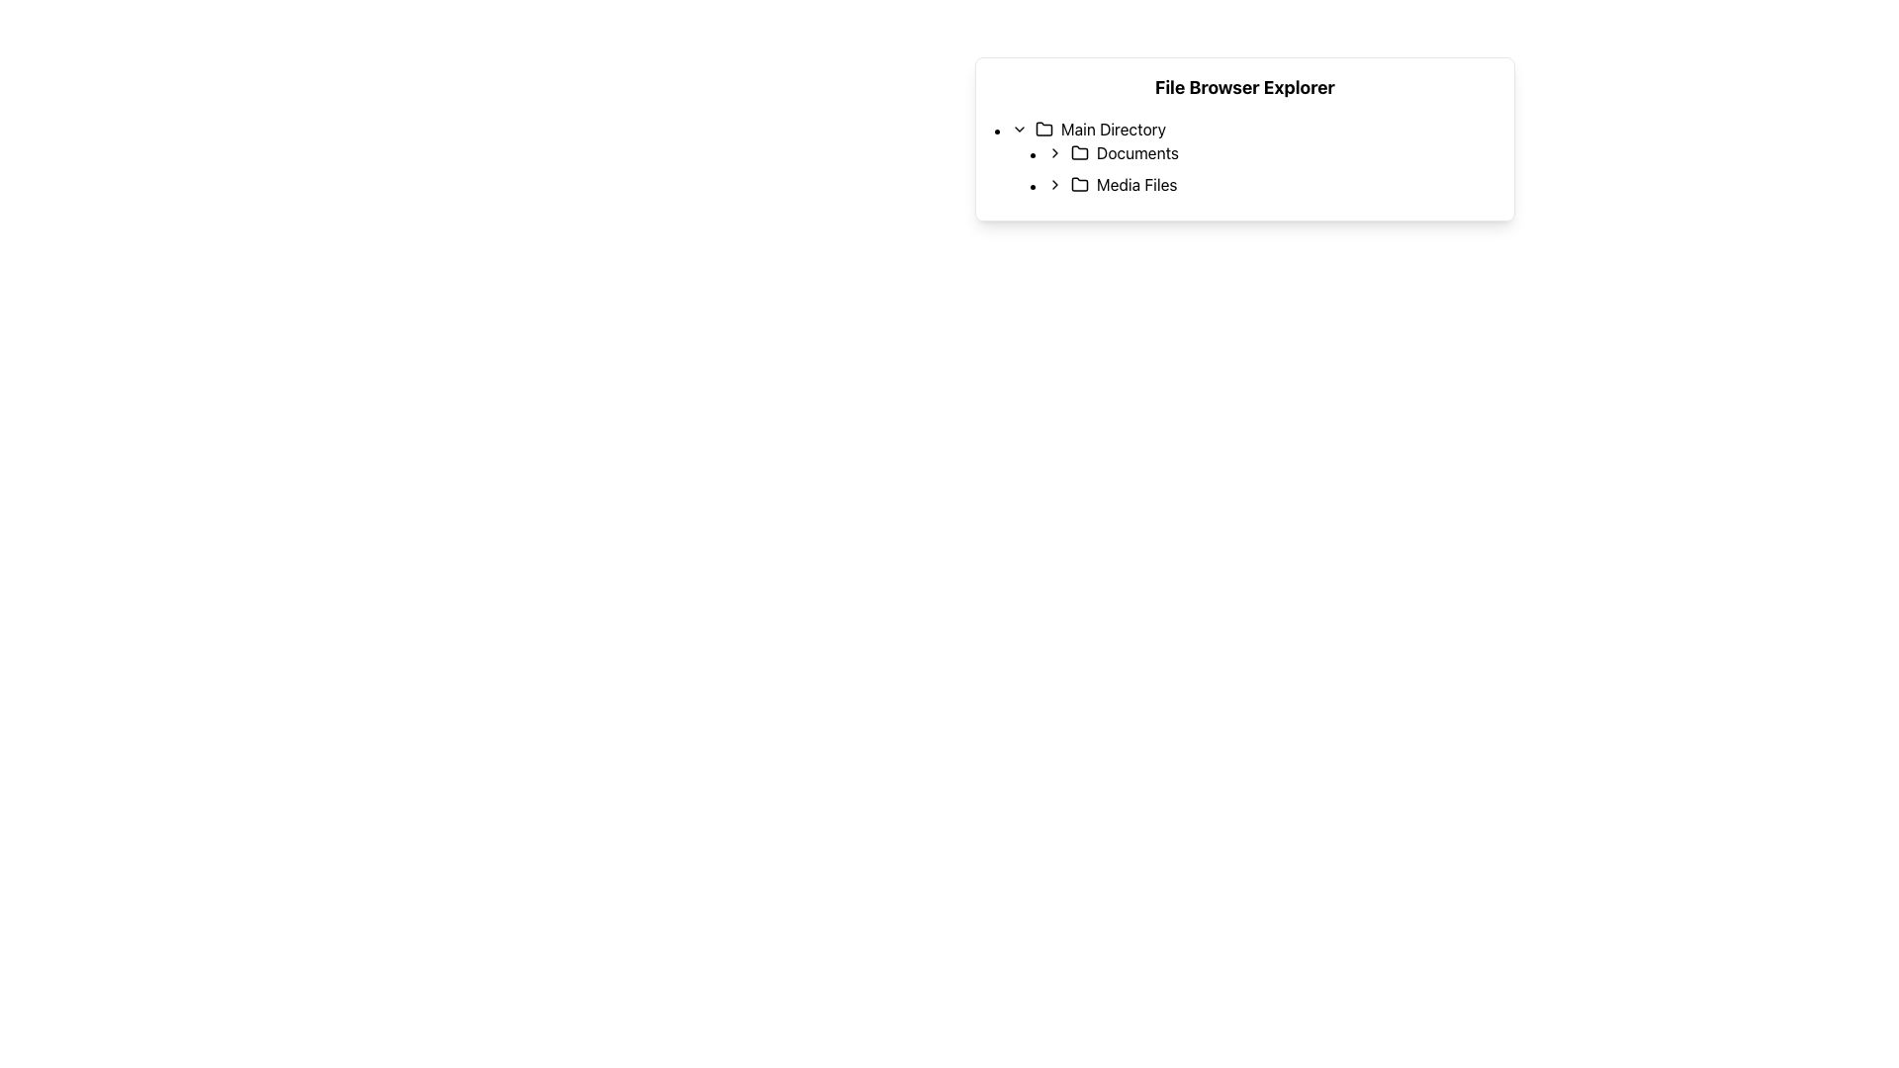 The height and width of the screenshot is (1068, 1899). I want to click on the 'Media Files' folder icon in the file explorer to interact with it, so click(1078, 184).